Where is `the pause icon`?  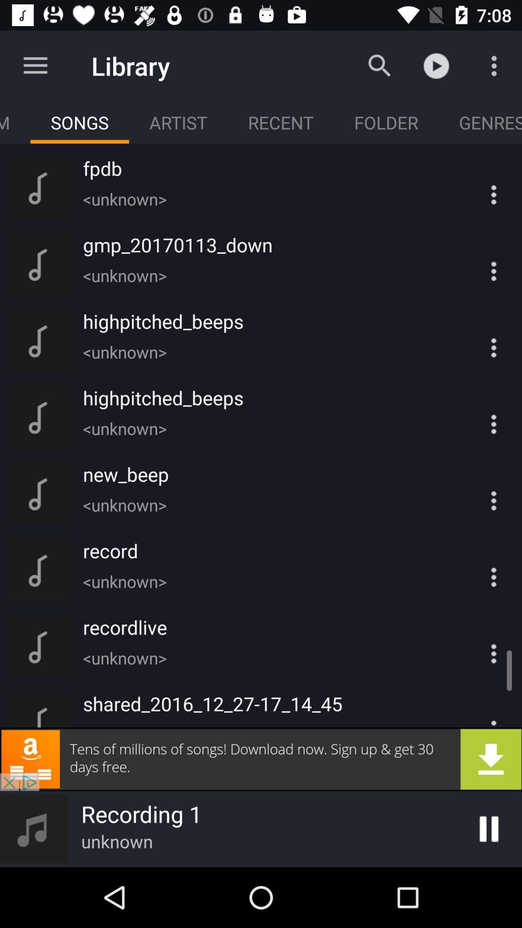
the pause icon is located at coordinates (489, 828).